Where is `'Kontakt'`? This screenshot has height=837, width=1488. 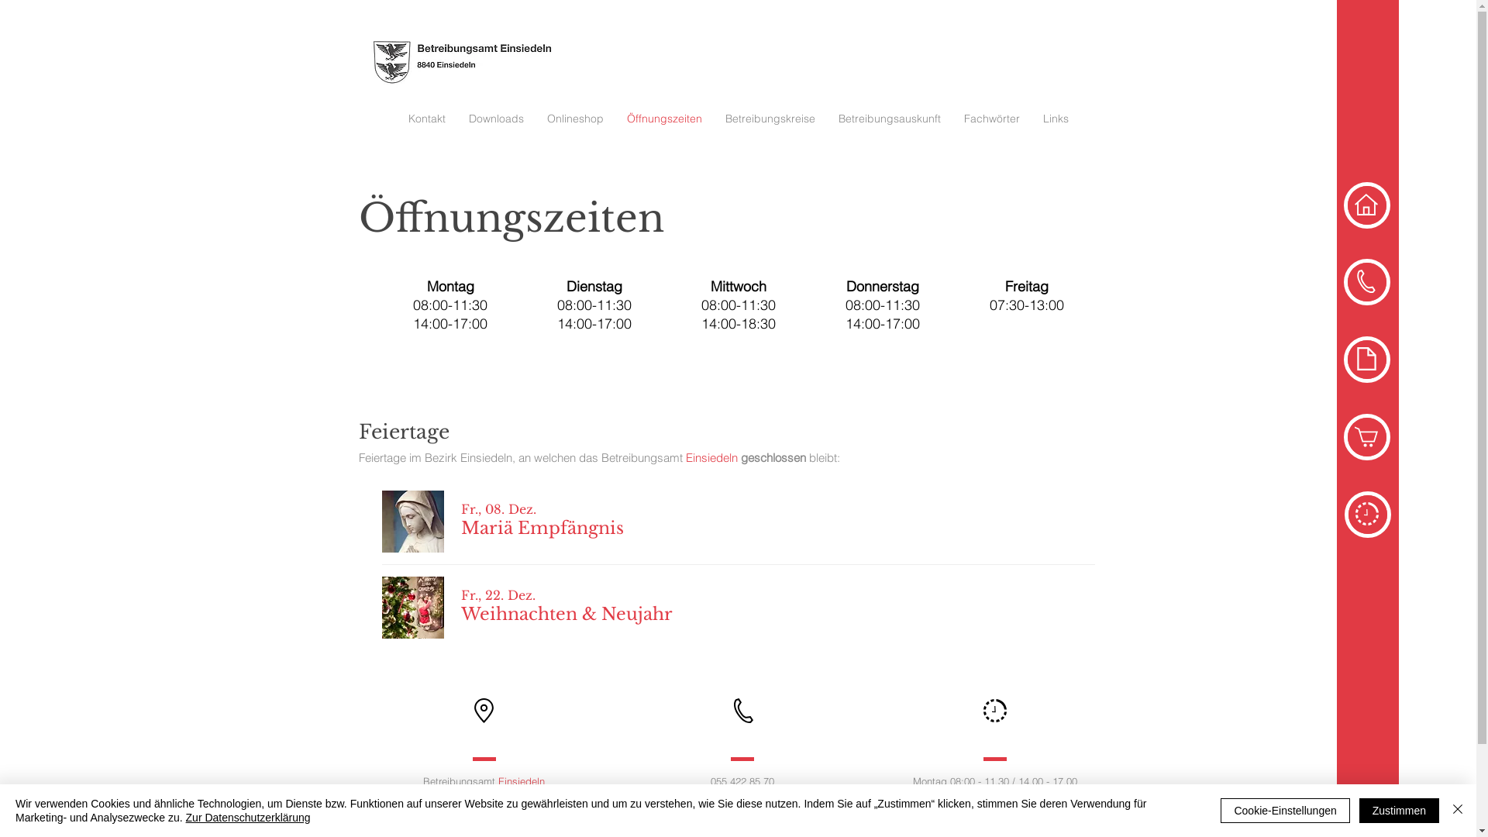
'Kontakt' is located at coordinates (397, 118).